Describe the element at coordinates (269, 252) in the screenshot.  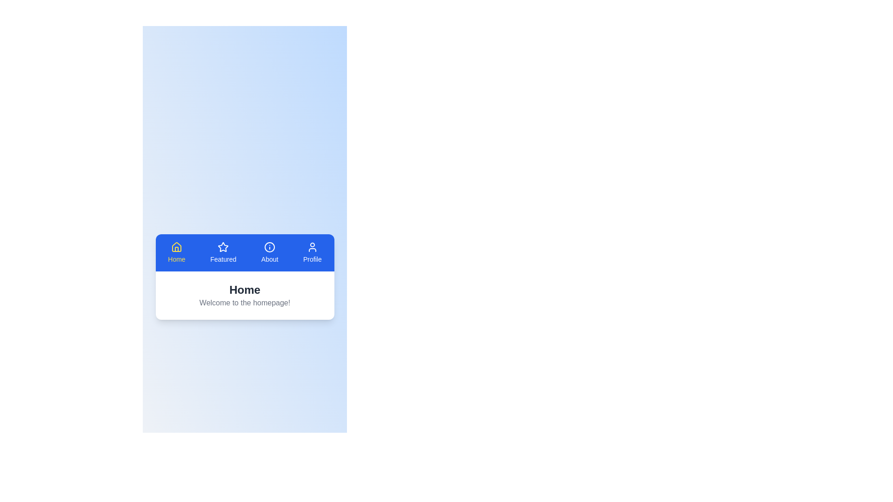
I see `the menu item About by clicking on it` at that location.